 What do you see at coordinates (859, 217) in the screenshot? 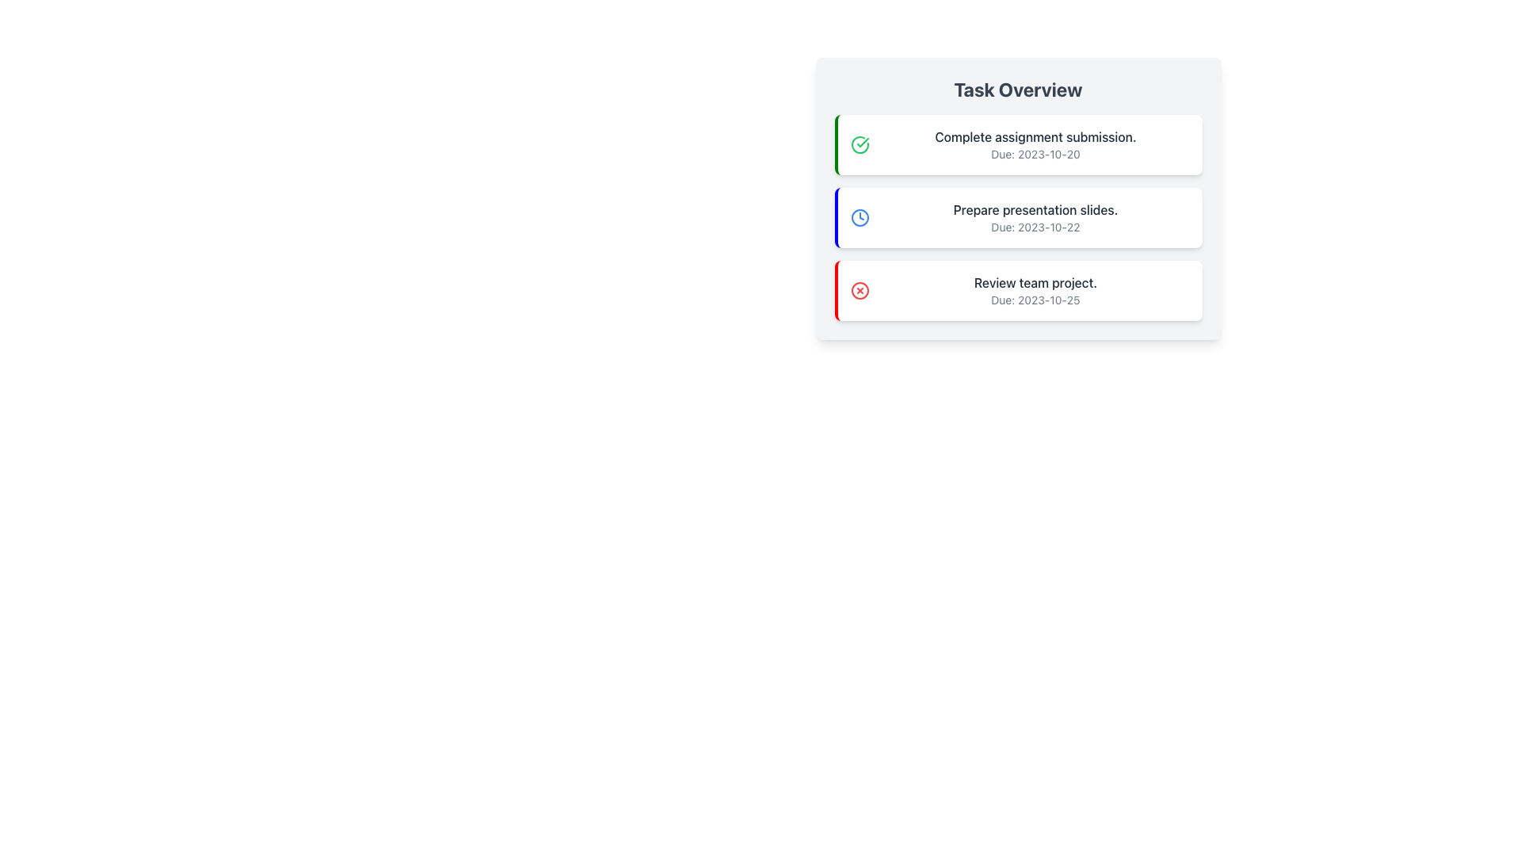
I see `the circular clock icon with a blue outline and white inner background, located in the task card titled 'Prepare presentation slides.'` at bounding box center [859, 217].